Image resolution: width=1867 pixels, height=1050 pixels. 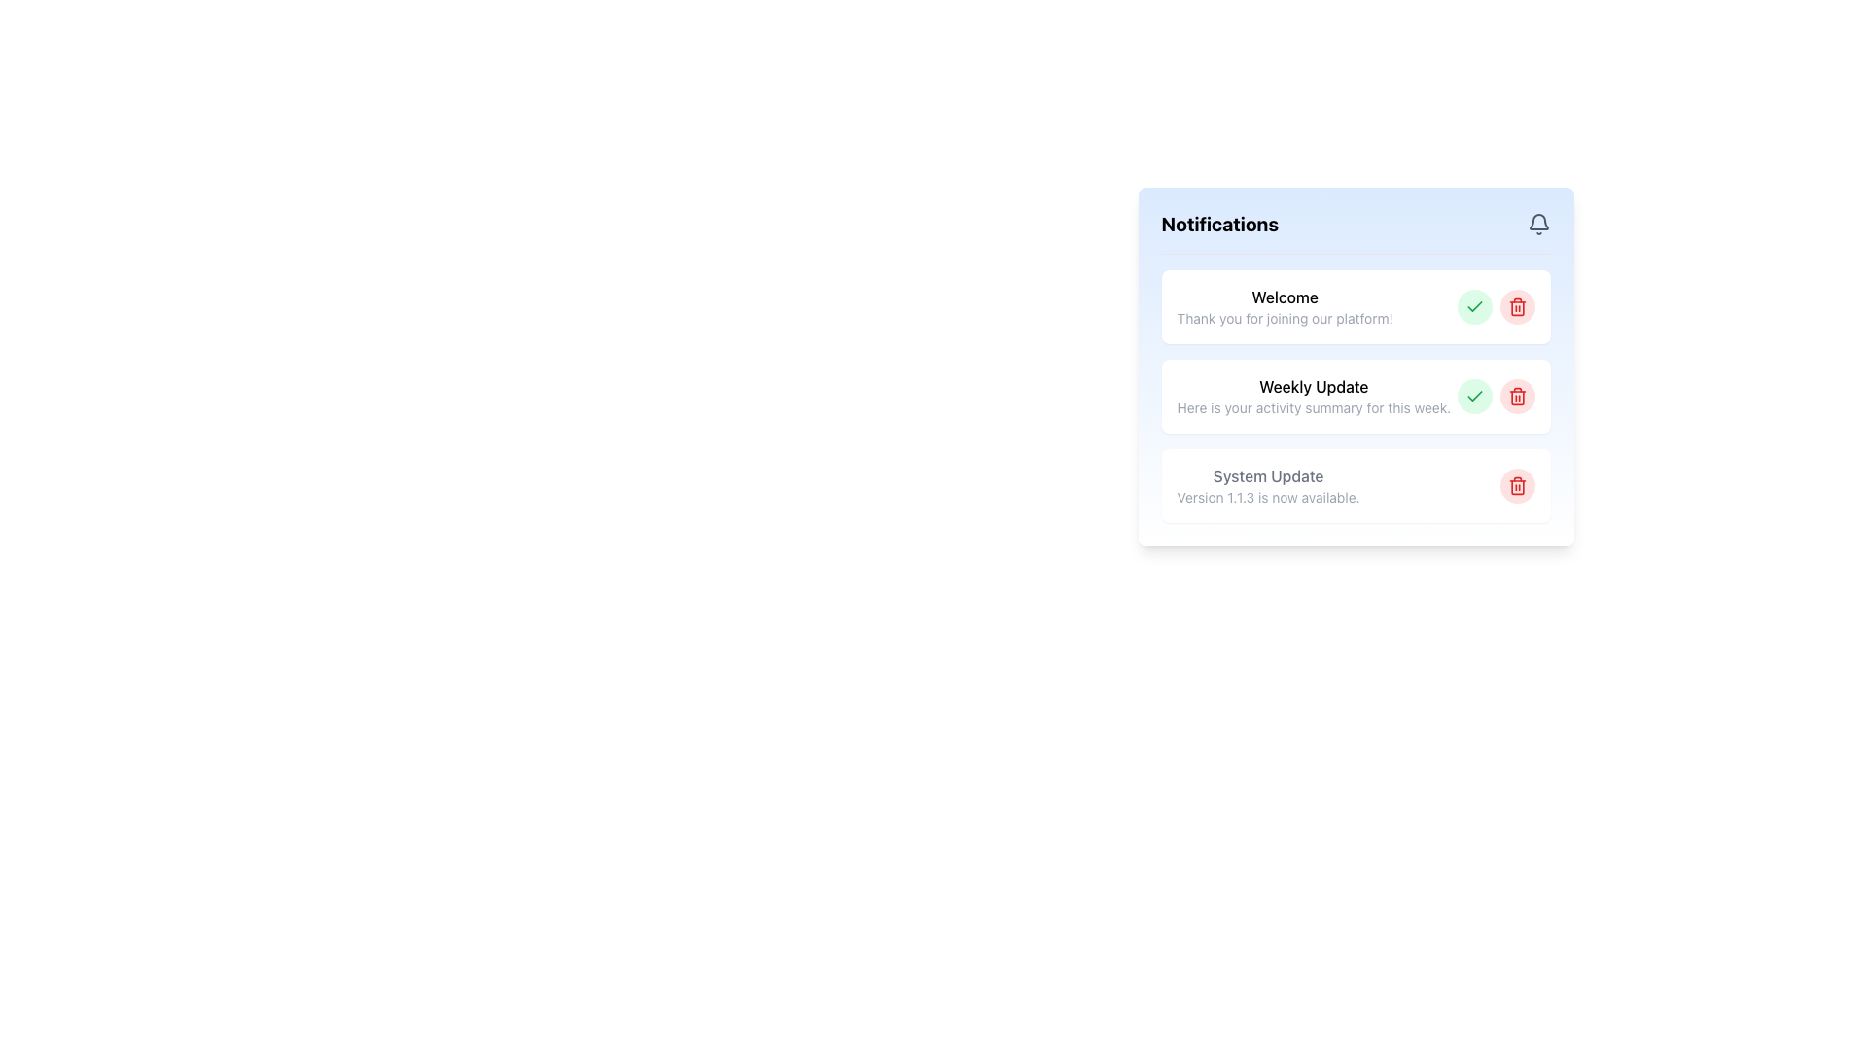 What do you see at coordinates (1516, 396) in the screenshot?
I see `the red trash bin icon button` at bounding box center [1516, 396].